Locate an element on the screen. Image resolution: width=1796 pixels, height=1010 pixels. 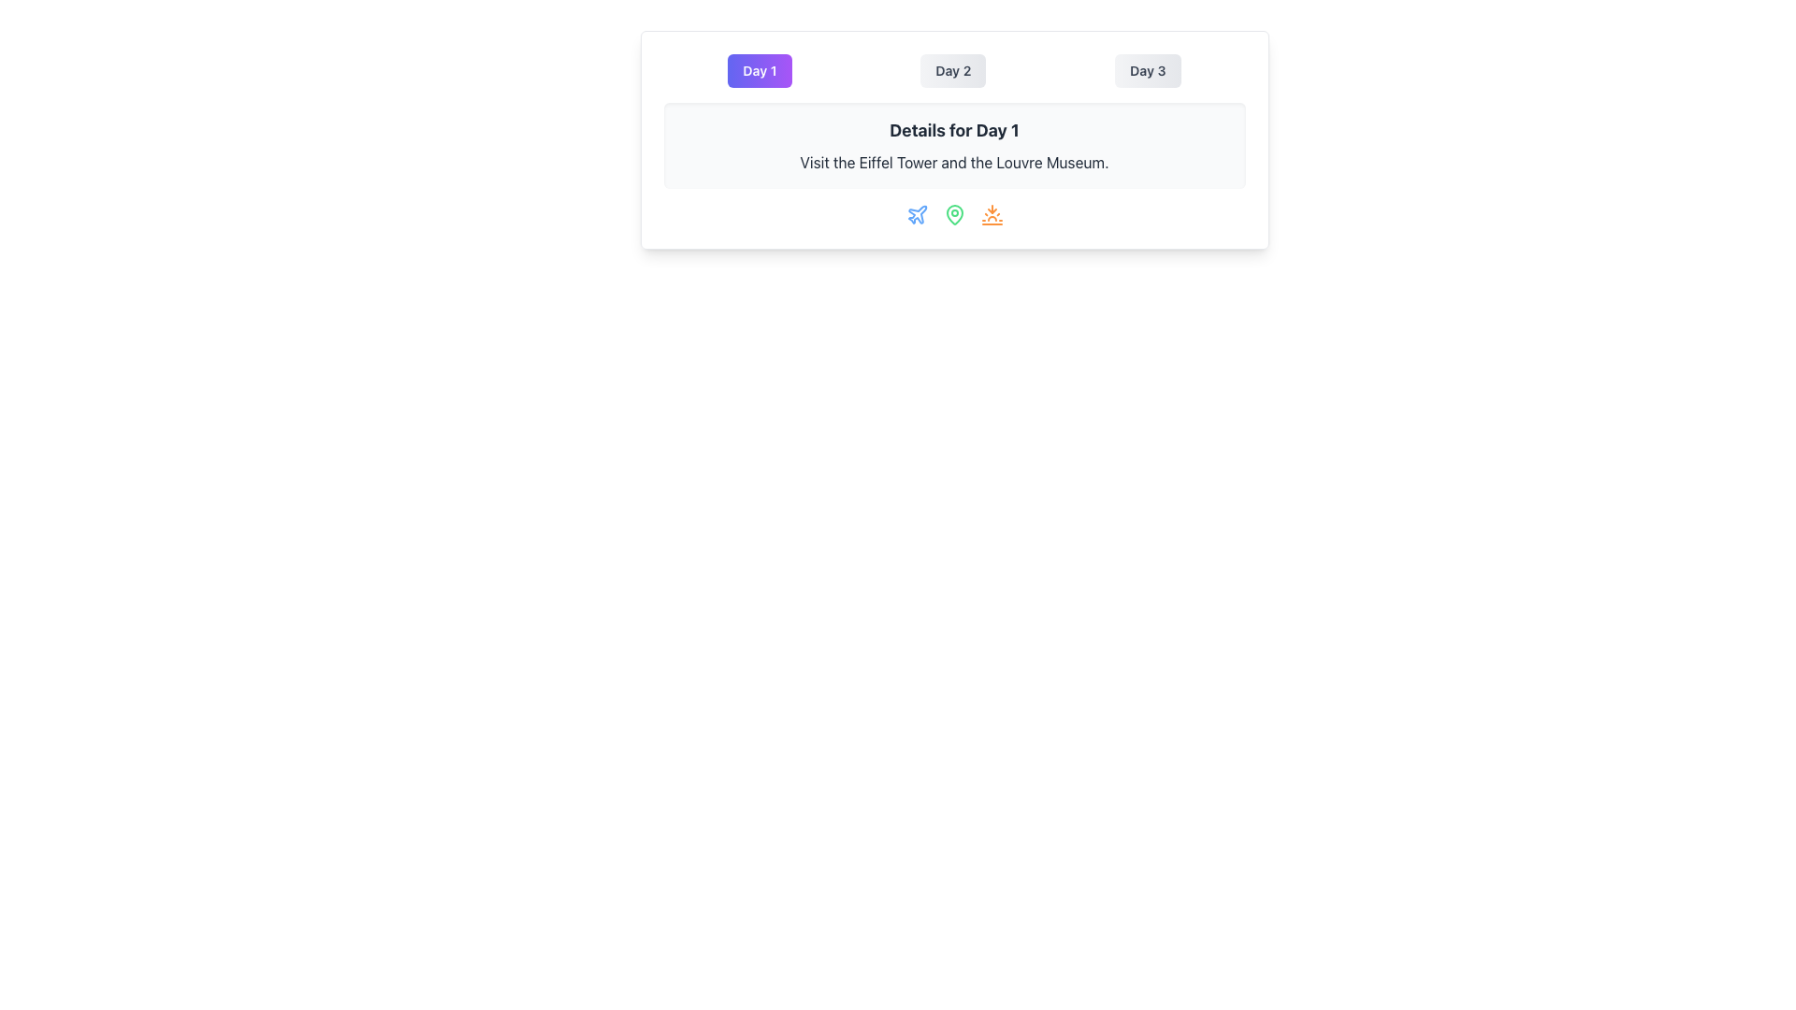
the informative text description about activities for Day 1, which is located directly below the heading 'Details for Day 1' is located at coordinates (954, 161).